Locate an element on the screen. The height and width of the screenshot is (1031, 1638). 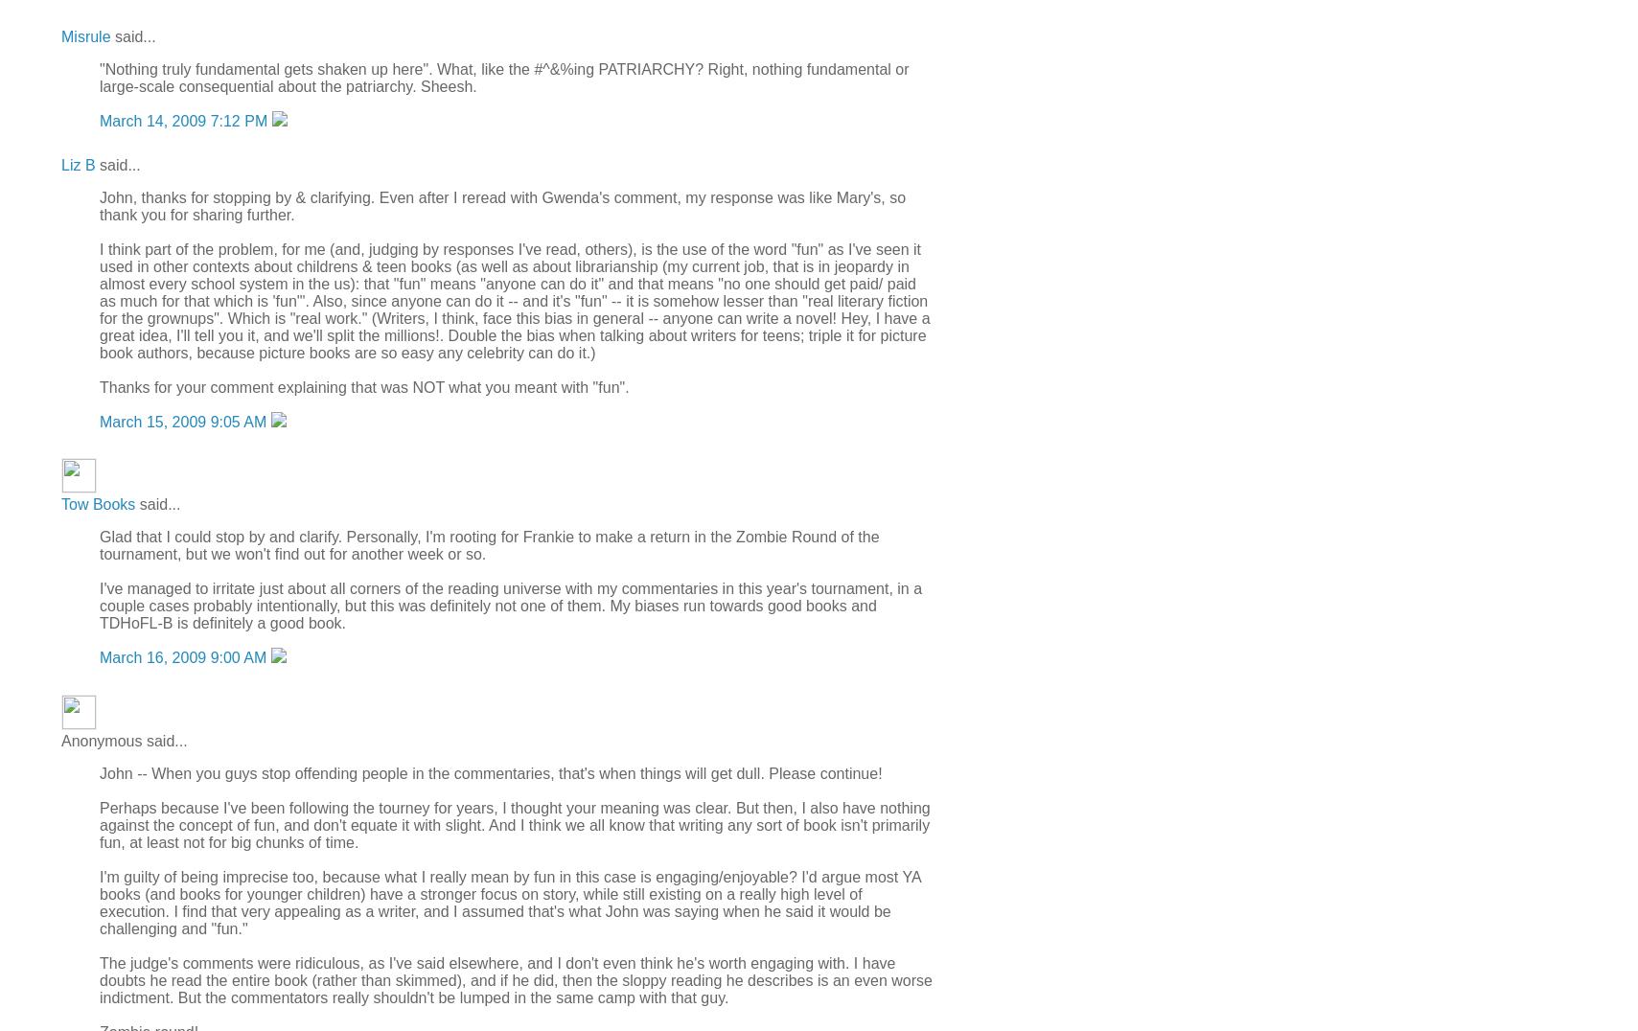
'"Nothing truly fundamental gets shaken up here". What, like the #^&%ing PATRIARCHY? Right, nothing fundamental or large-scale consequential about the patriarchy. Sheesh.' is located at coordinates (99, 78).